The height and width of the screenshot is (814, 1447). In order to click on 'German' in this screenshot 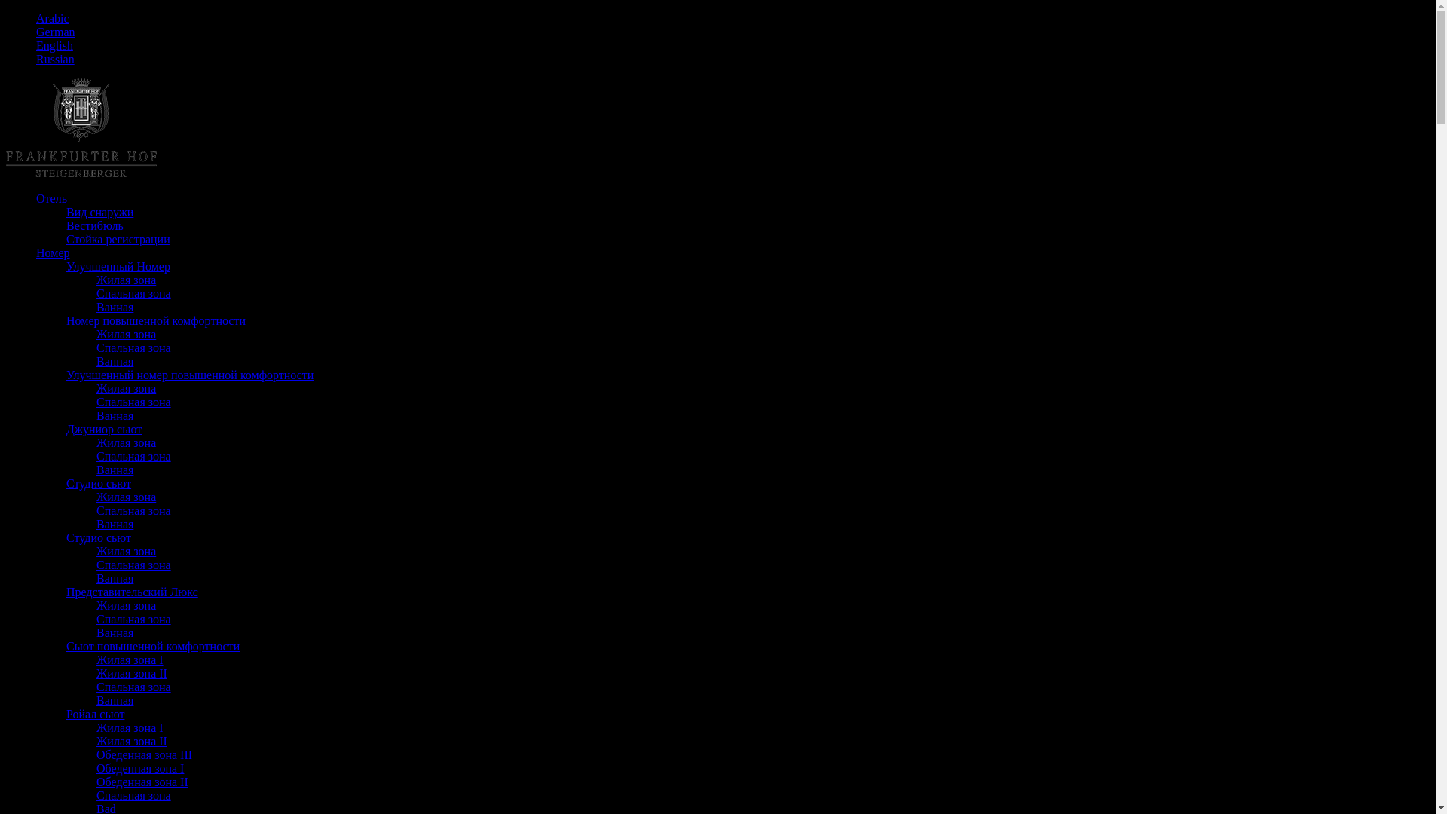, I will do `click(55, 32)`.